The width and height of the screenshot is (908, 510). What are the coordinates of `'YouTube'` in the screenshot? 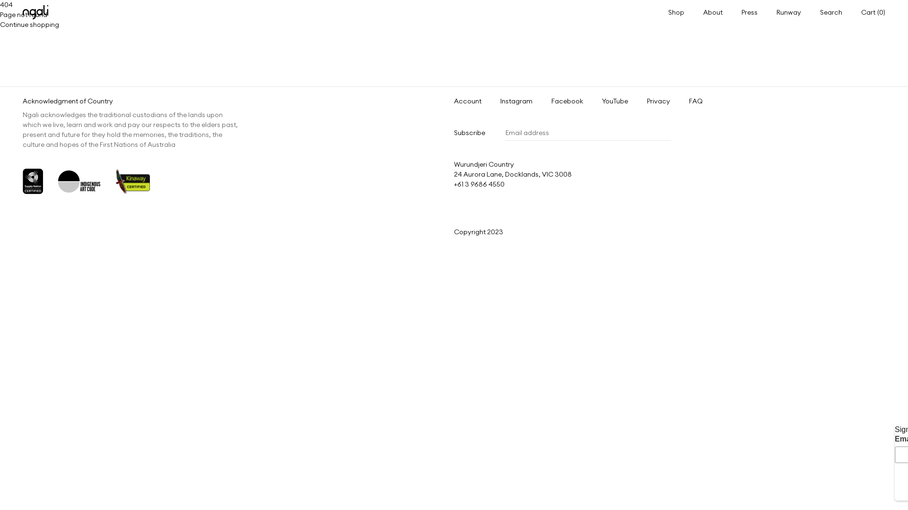 It's located at (615, 101).